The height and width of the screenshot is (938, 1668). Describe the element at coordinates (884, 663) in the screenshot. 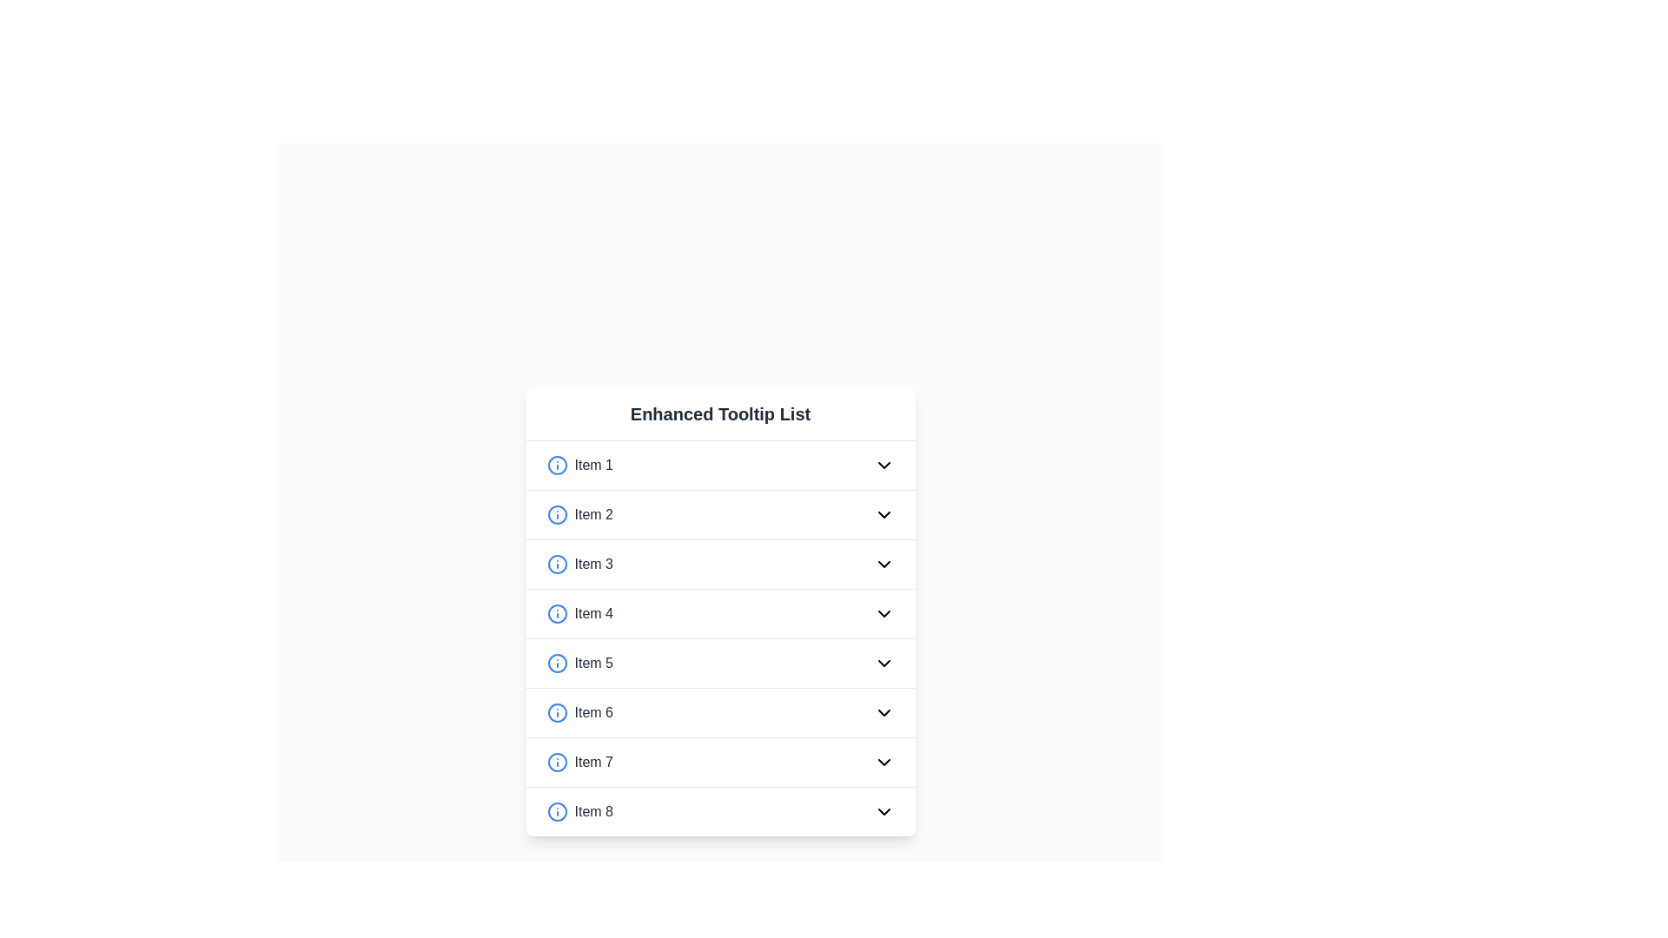

I see `the chevron icon associated with 'Item 5' to trigger additional interaction effects` at that location.